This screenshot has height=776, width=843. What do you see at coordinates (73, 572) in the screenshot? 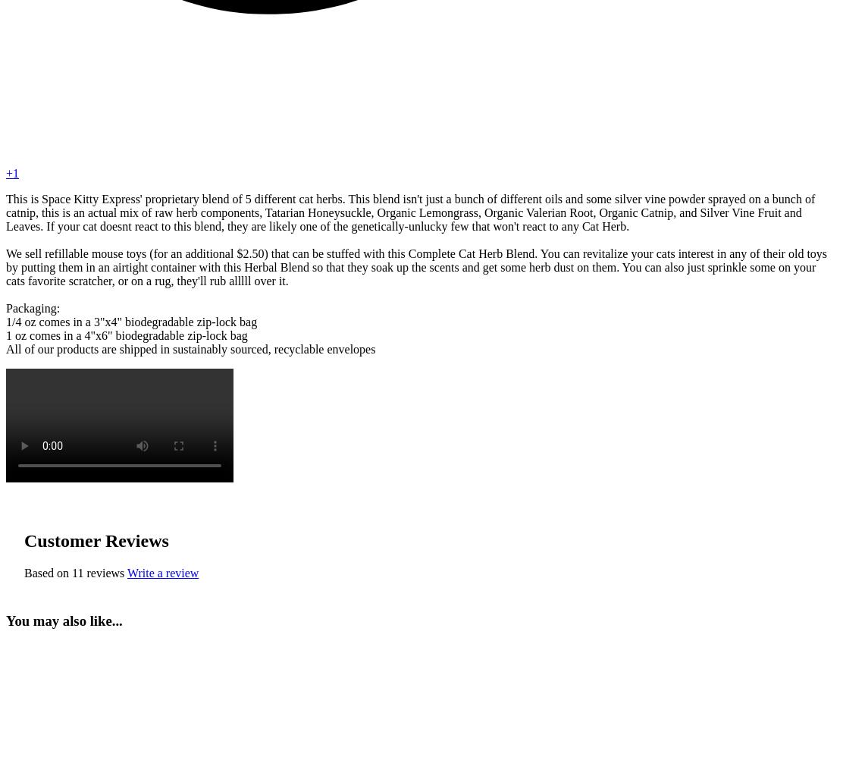
I see `'Based on 11 reviews'` at bounding box center [73, 572].